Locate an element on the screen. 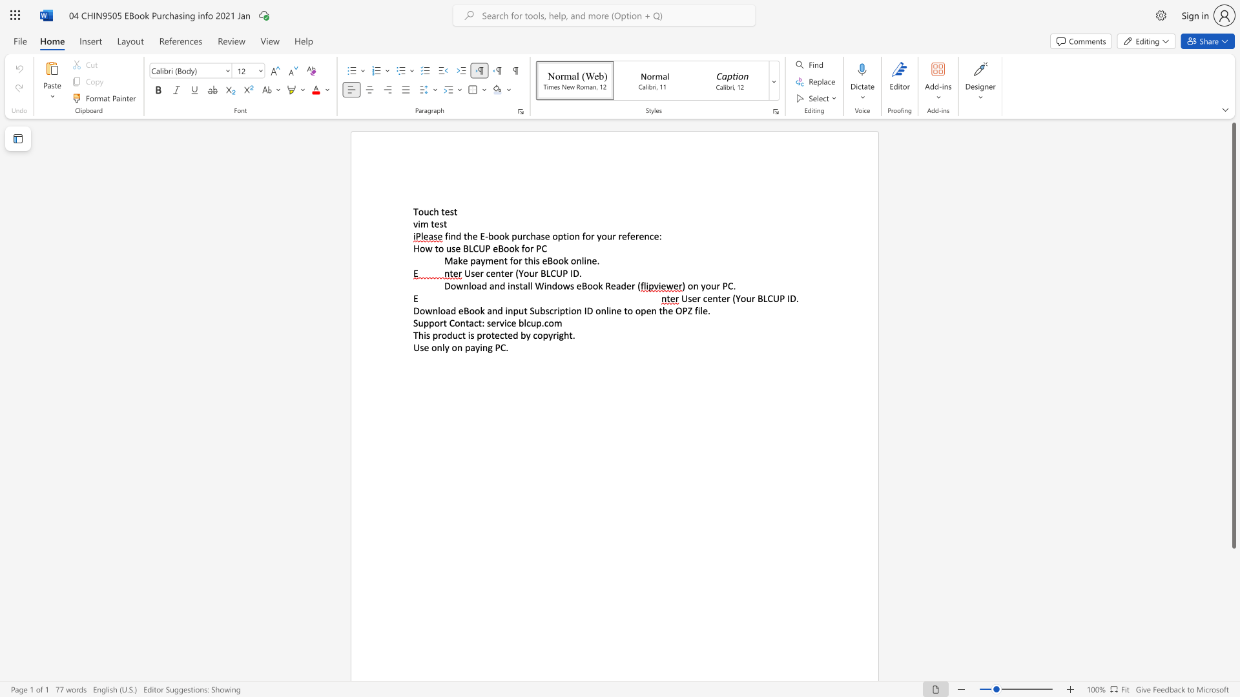 This screenshot has width=1240, height=697. the subset text "nly on" within the text "Use only on paying PC." is located at coordinates (437, 347).